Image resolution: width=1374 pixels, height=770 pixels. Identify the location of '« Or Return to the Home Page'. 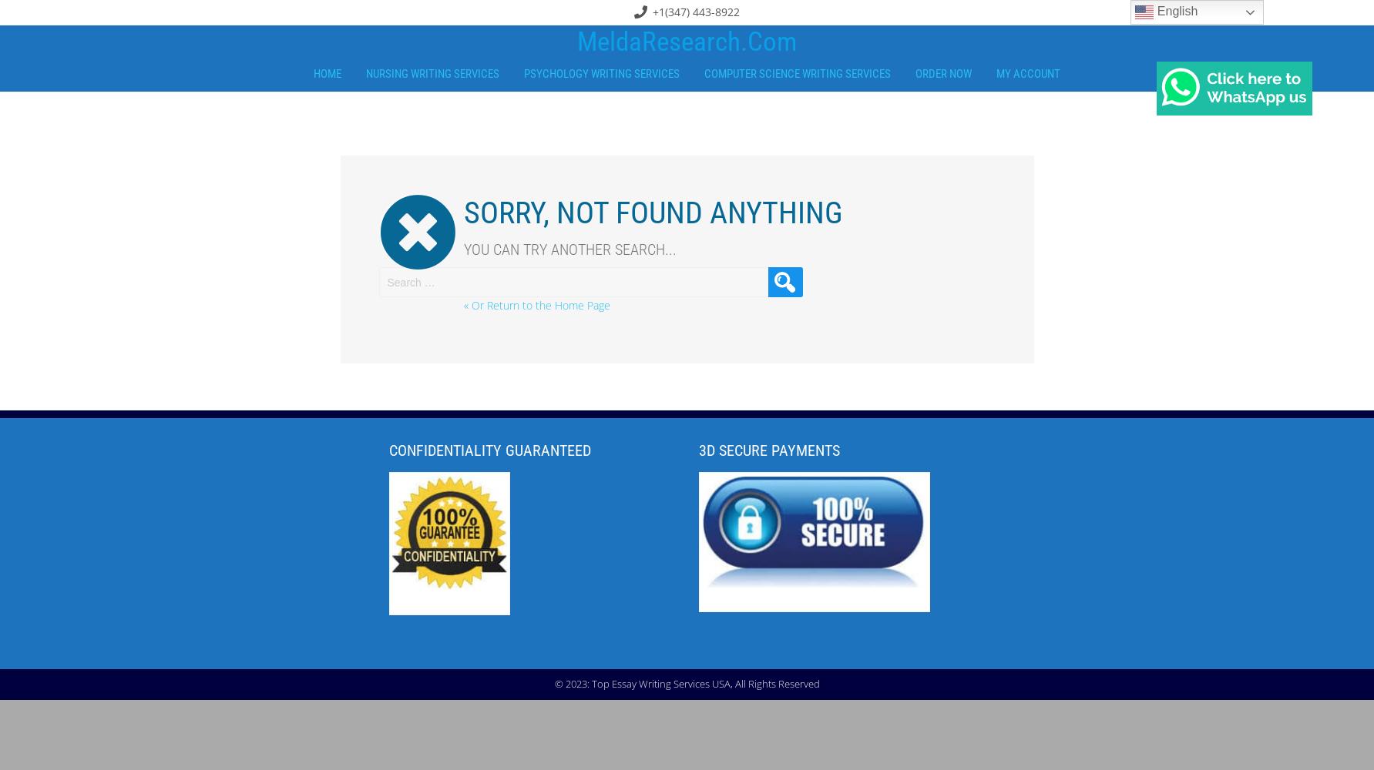
(536, 305).